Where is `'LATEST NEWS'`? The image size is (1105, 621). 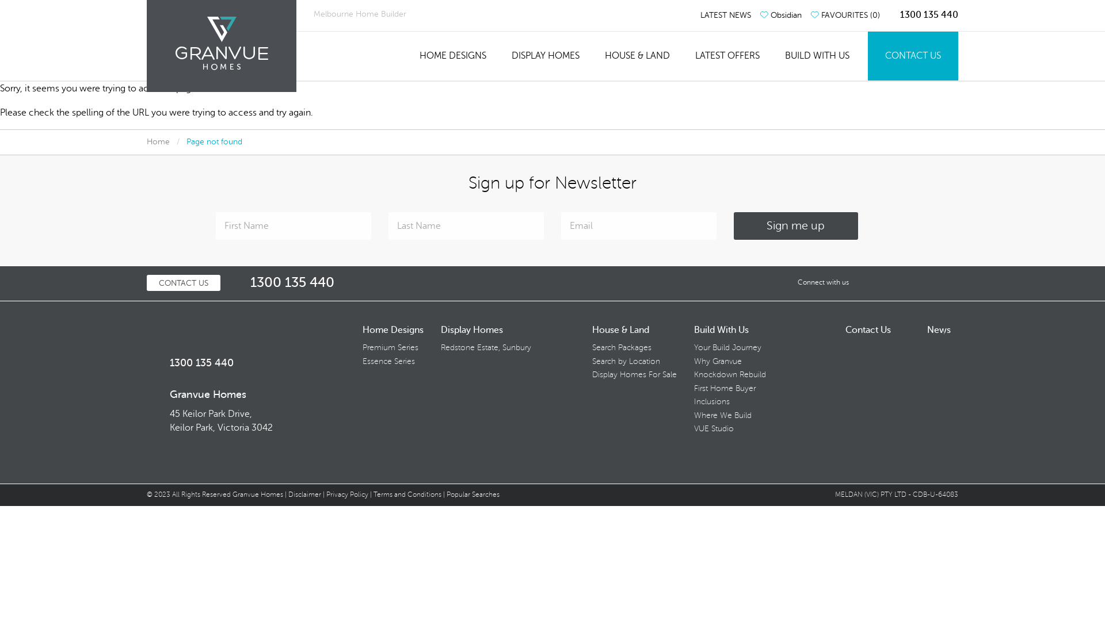 'LATEST NEWS' is located at coordinates (721, 15).